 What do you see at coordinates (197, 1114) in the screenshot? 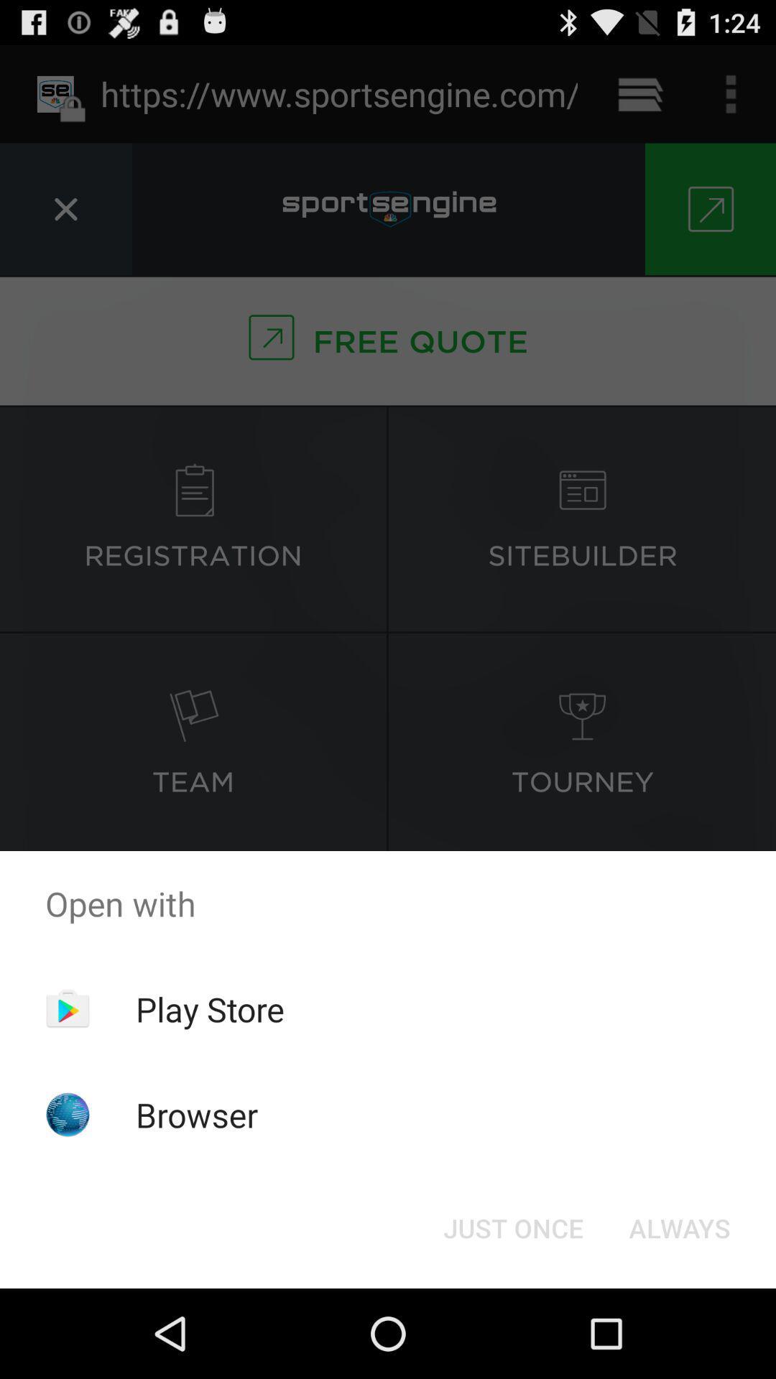
I see `the browser item` at bounding box center [197, 1114].